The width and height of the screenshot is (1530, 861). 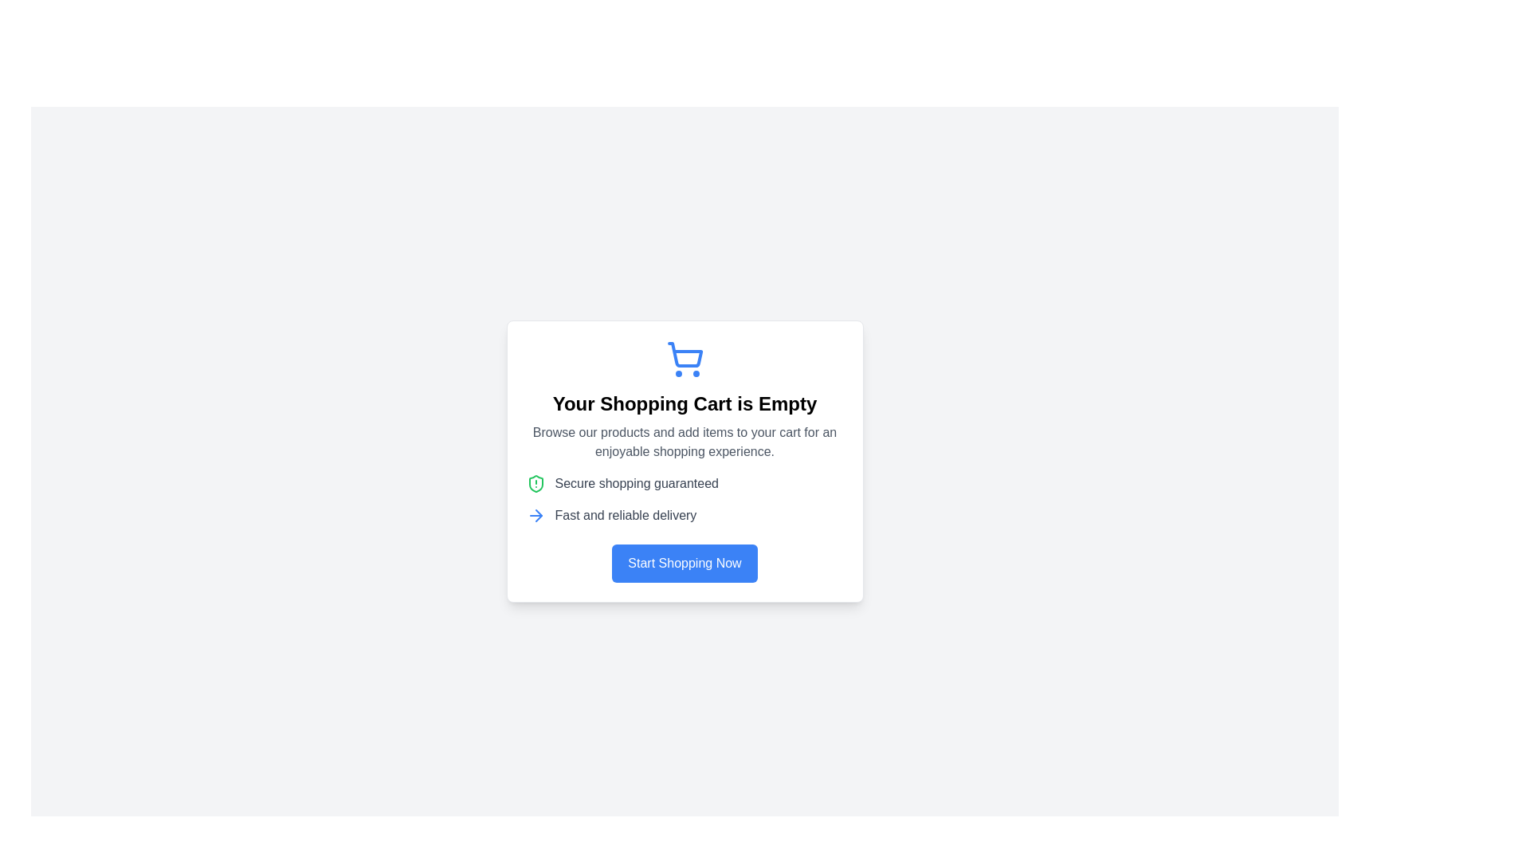 What do you see at coordinates (685, 354) in the screenshot?
I see `the decorative SVG component representing the body of the shopping cart icon, which is centered within the modal displaying an empty cart` at bounding box center [685, 354].